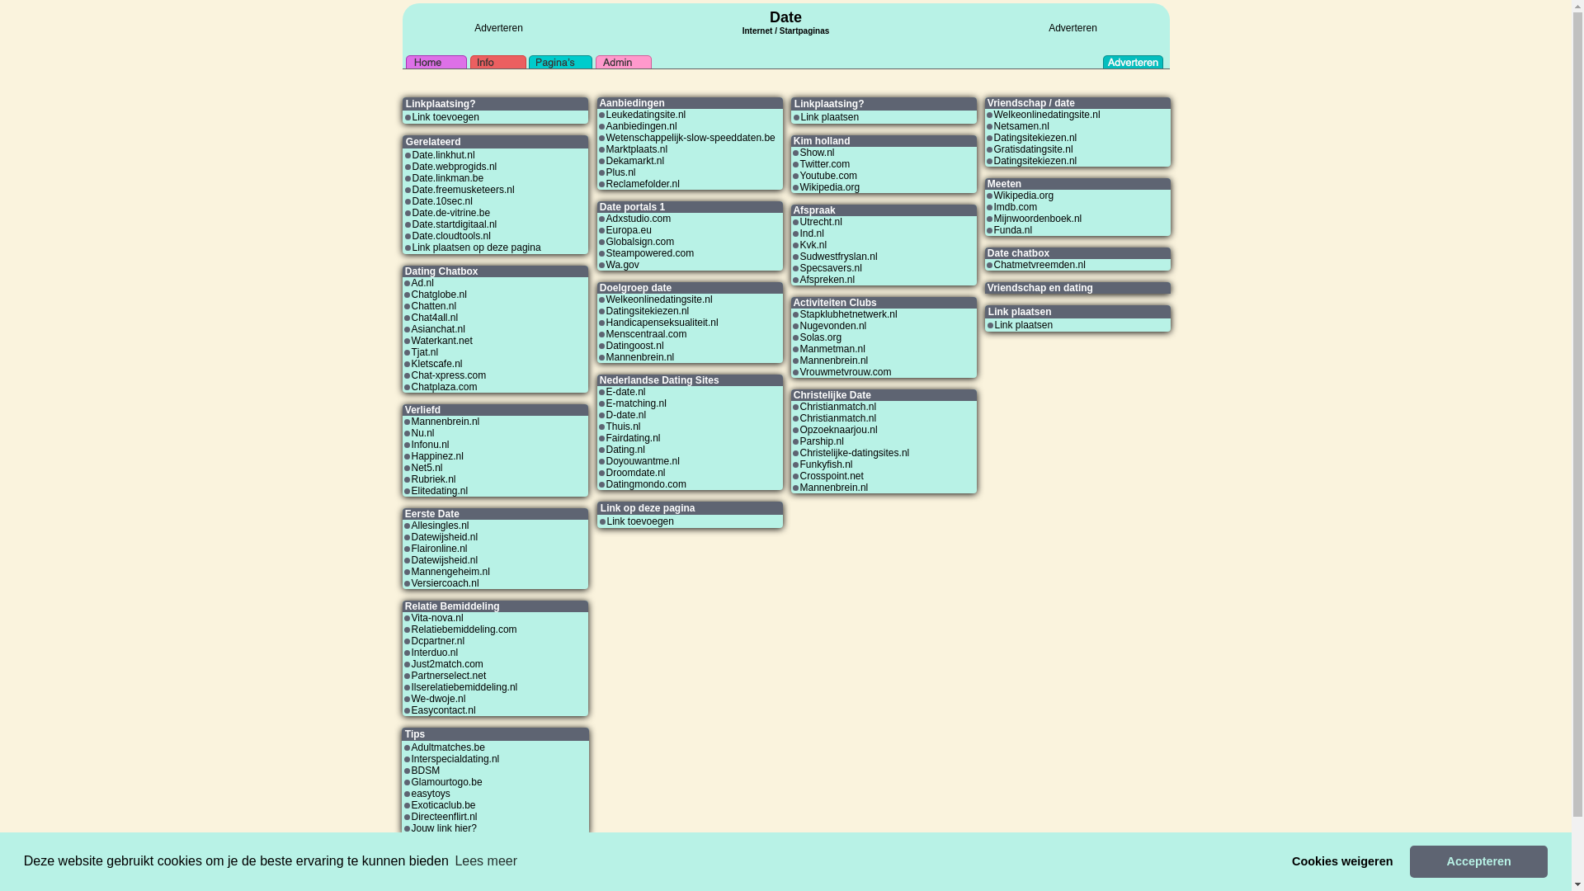  What do you see at coordinates (839, 428) in the screenshot?
I see `'Opzoeknaarjou.nl'` at bounding box center [839, 428].